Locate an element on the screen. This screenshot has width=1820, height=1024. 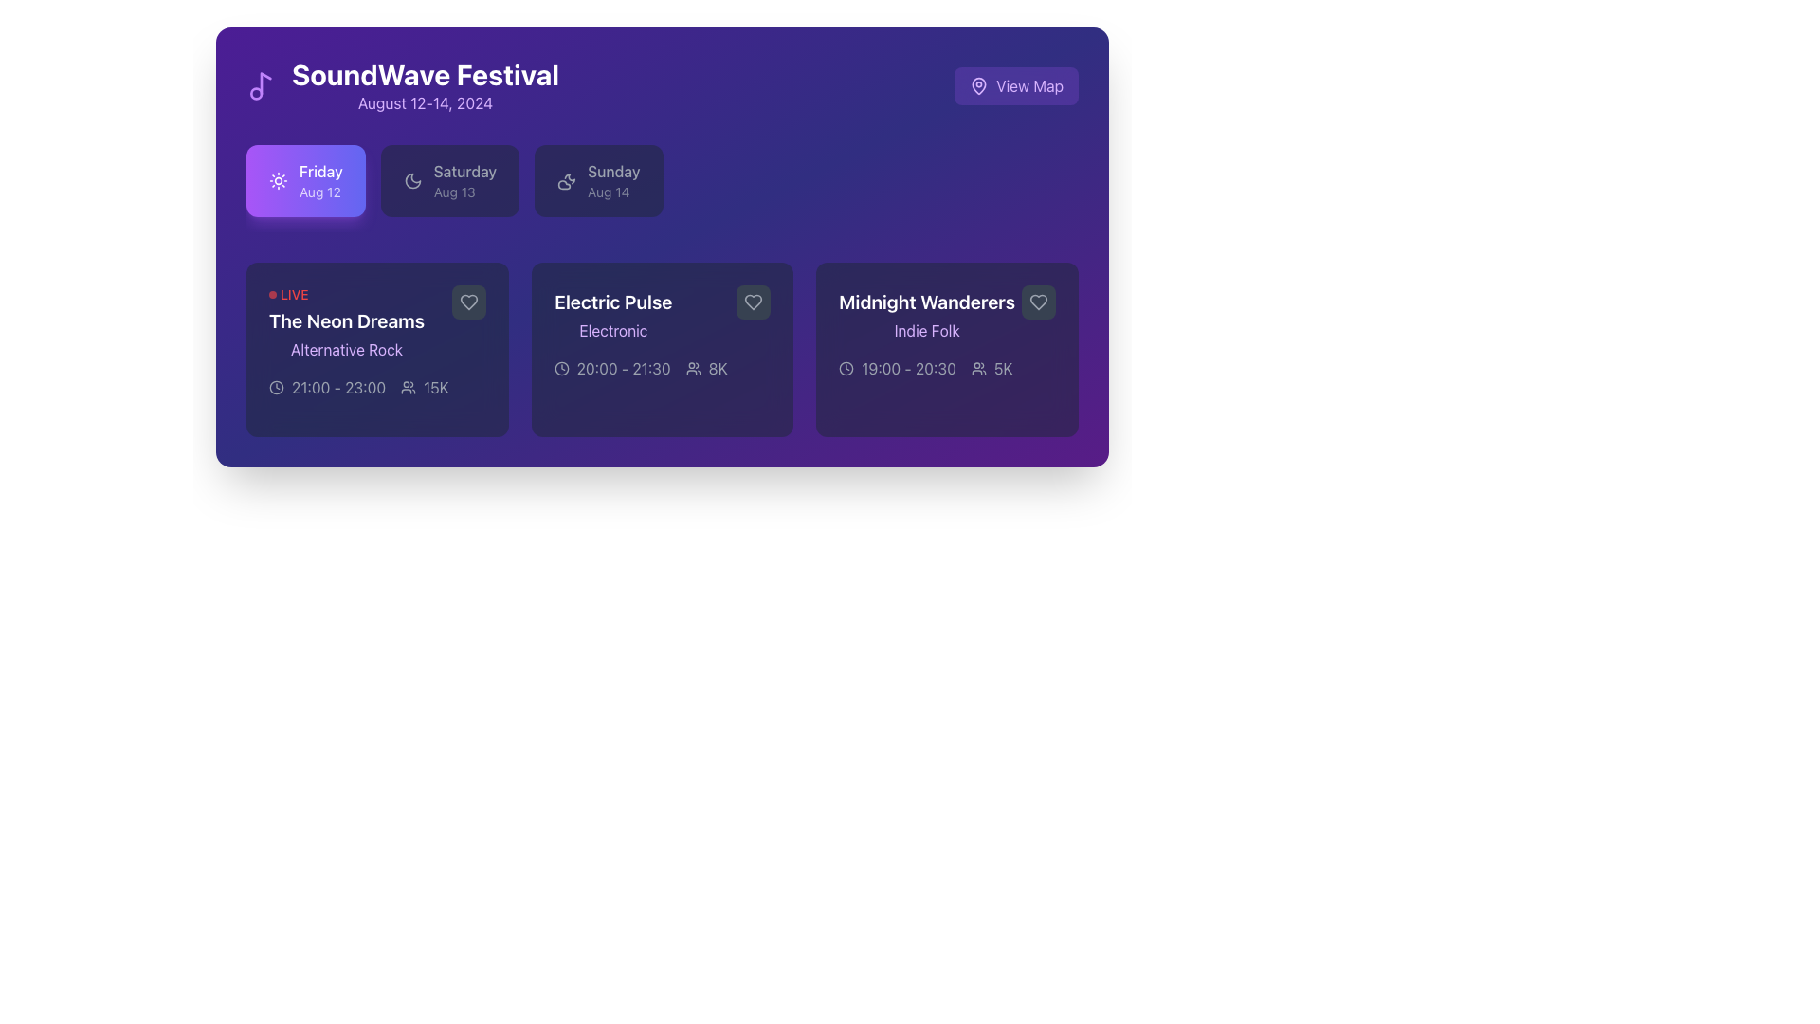
the interactive icons within the informational display showing time ('21:00 - 23:00') and participant count ('15K') under the card titled 'The Neon Dreams' for the 'Friday, August 12' section is located at coordinates (377, 386).